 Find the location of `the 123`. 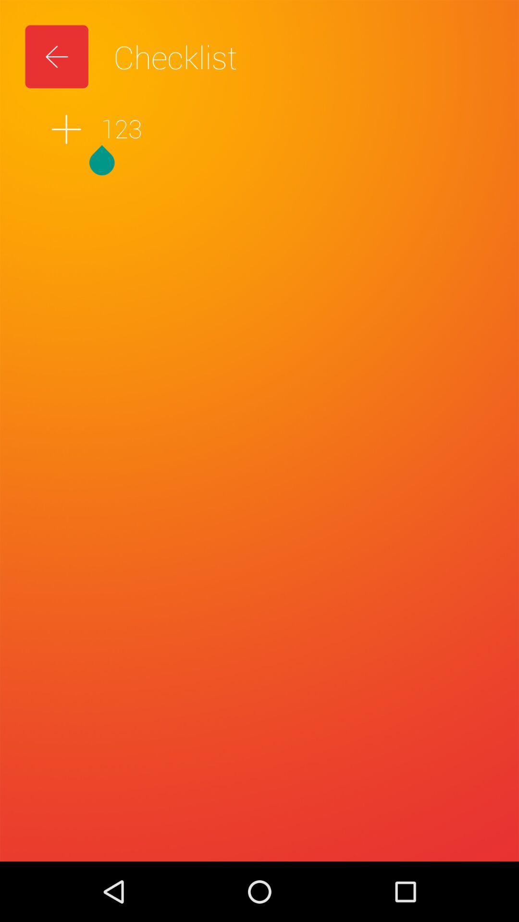

the 123 is located at coordinates (259, 129).